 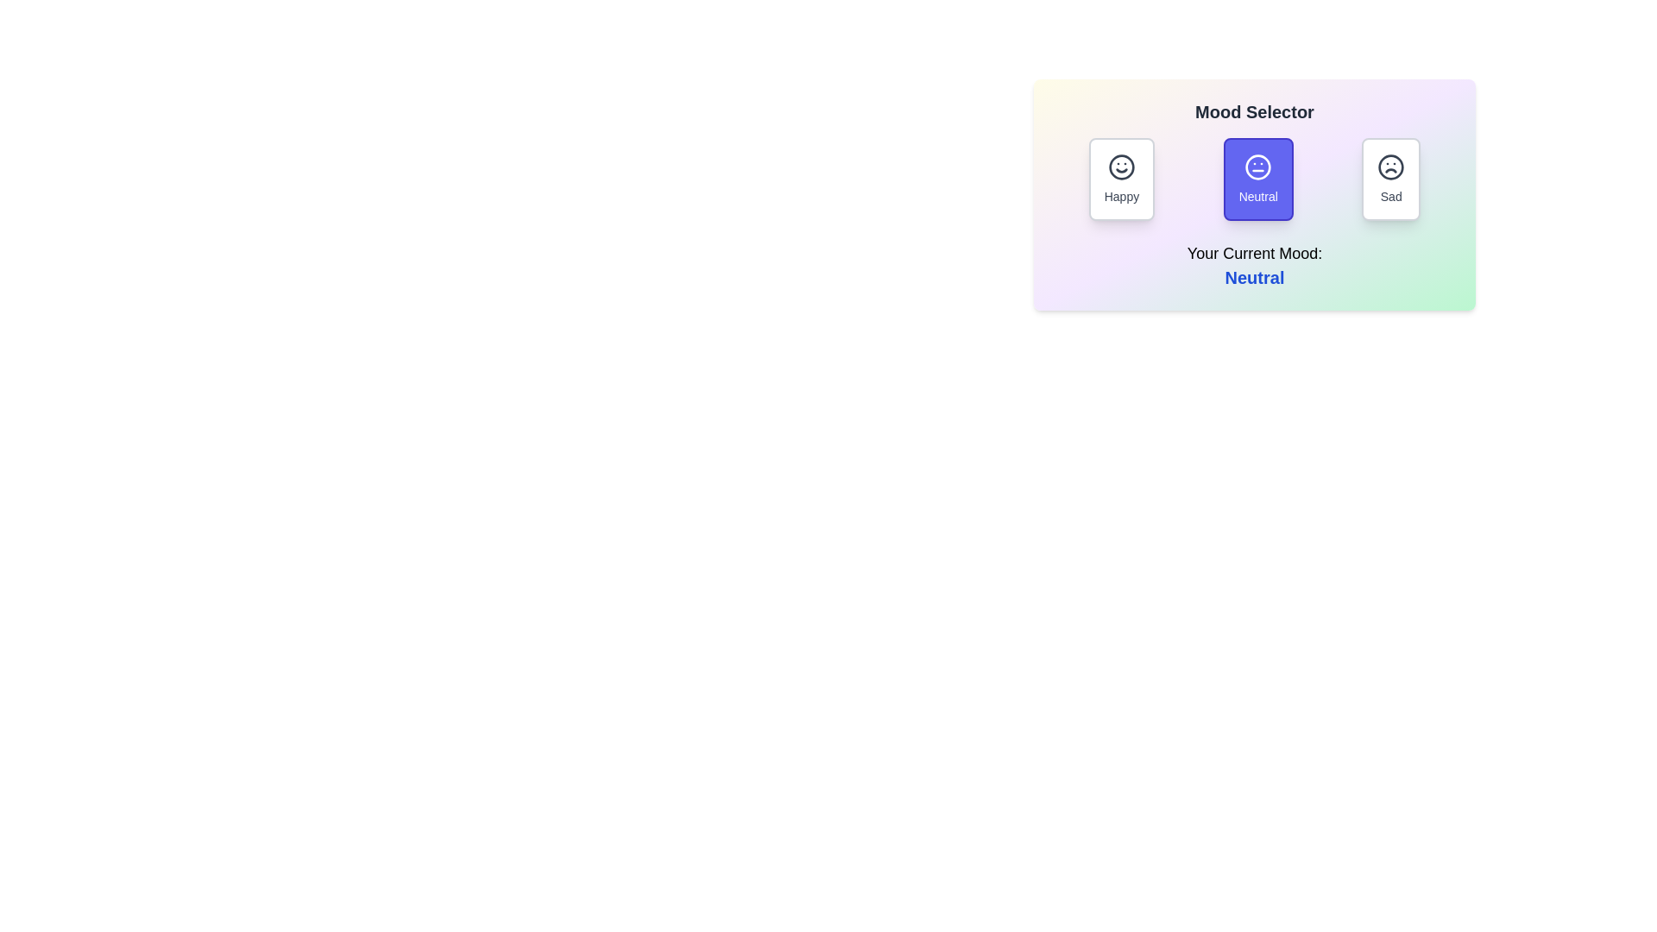 I want to click on the 'Neutral' button in the Mood Selector group of buttons, so click(x=1255, y=179).